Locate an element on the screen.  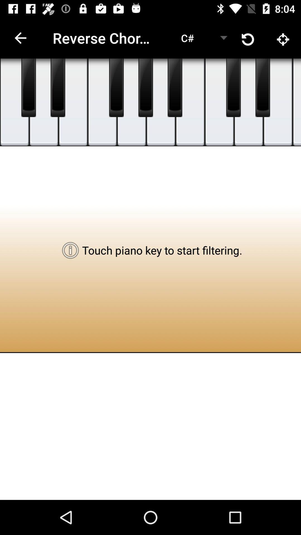
piano key is located at coordinates (190, 102).